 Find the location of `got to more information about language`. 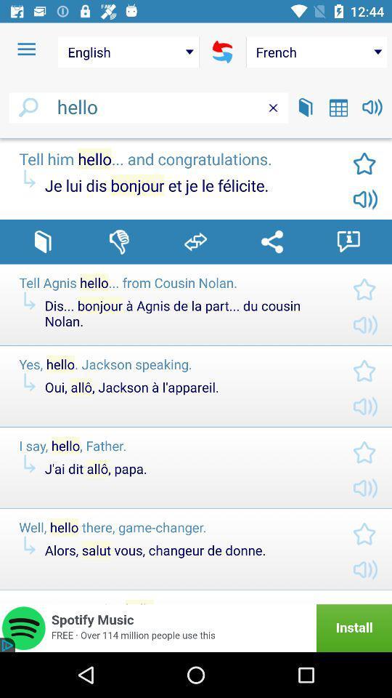

got to more information about language is located at coordinates (348, 241).